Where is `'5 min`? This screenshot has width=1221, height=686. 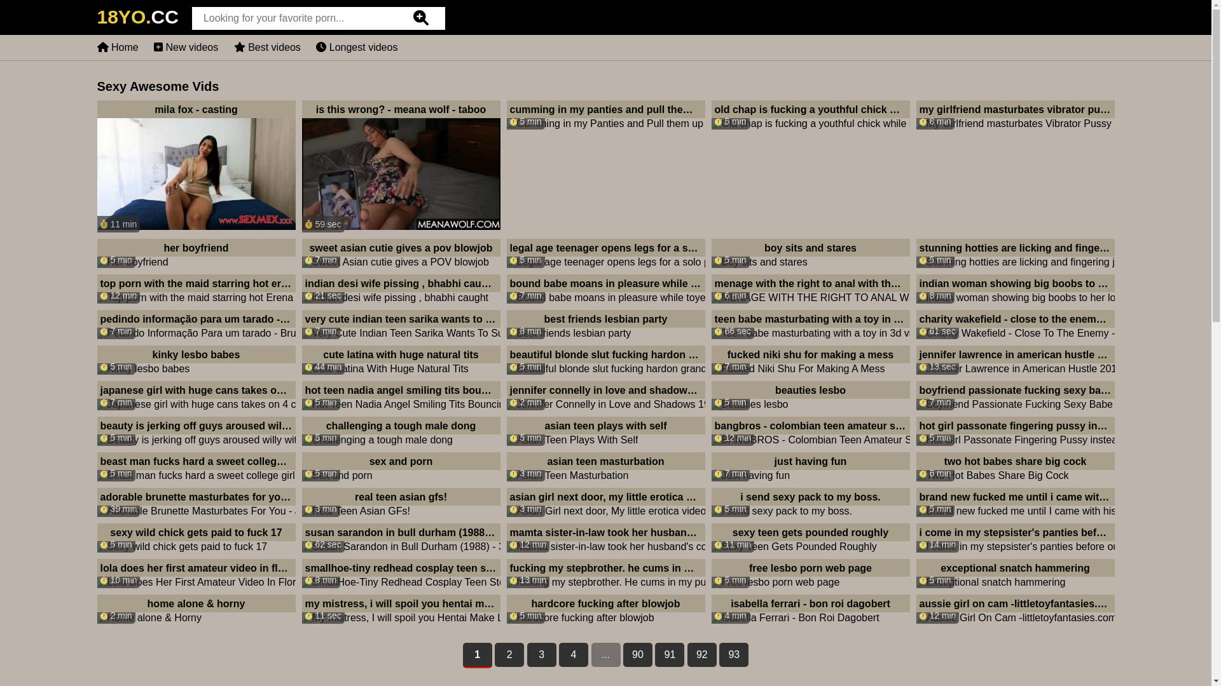 '5 min is located at coordinates (195, 538).